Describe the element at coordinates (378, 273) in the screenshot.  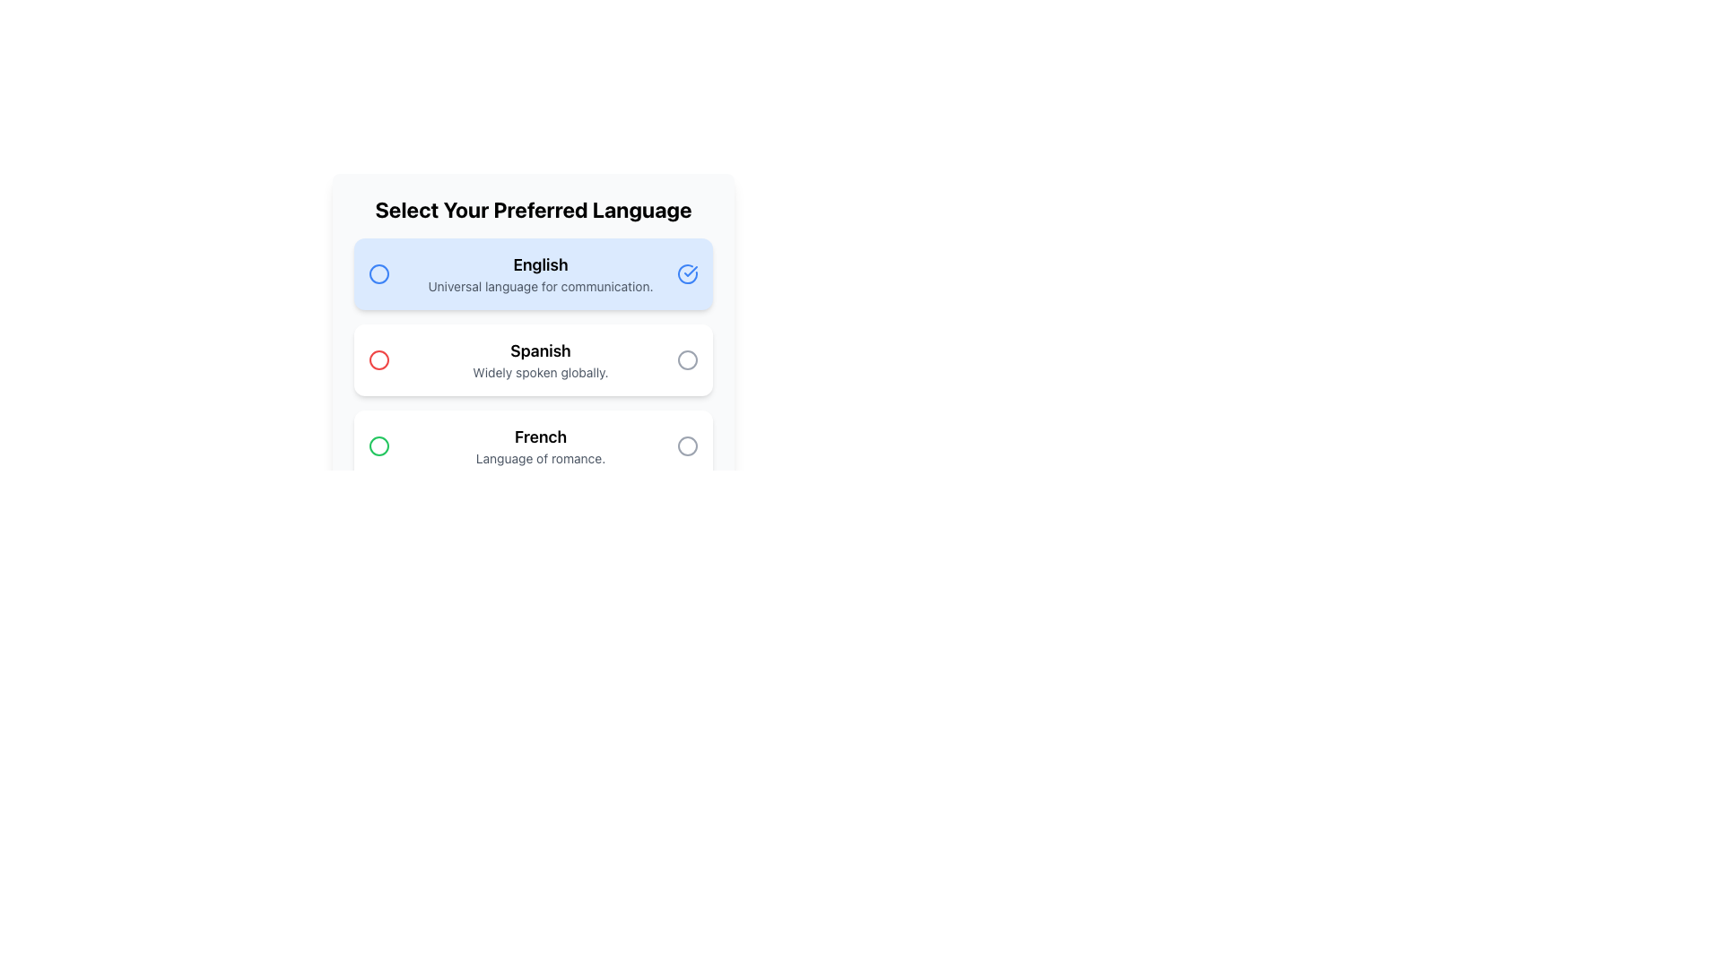
I see `the radio button for selecting the language option 'English'` at that location.